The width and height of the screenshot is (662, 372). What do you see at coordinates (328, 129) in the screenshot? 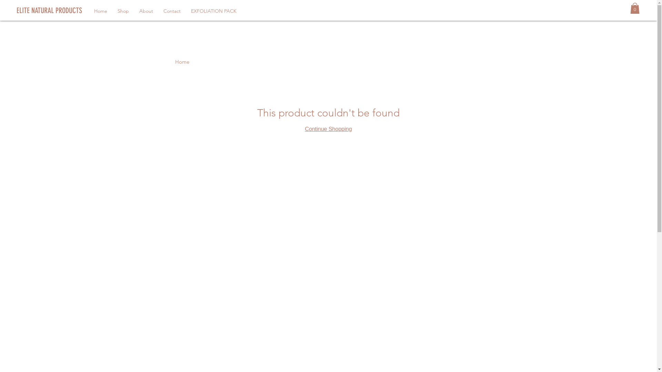
I see `'Continue Shopping'` at bounding box center [328, 129].